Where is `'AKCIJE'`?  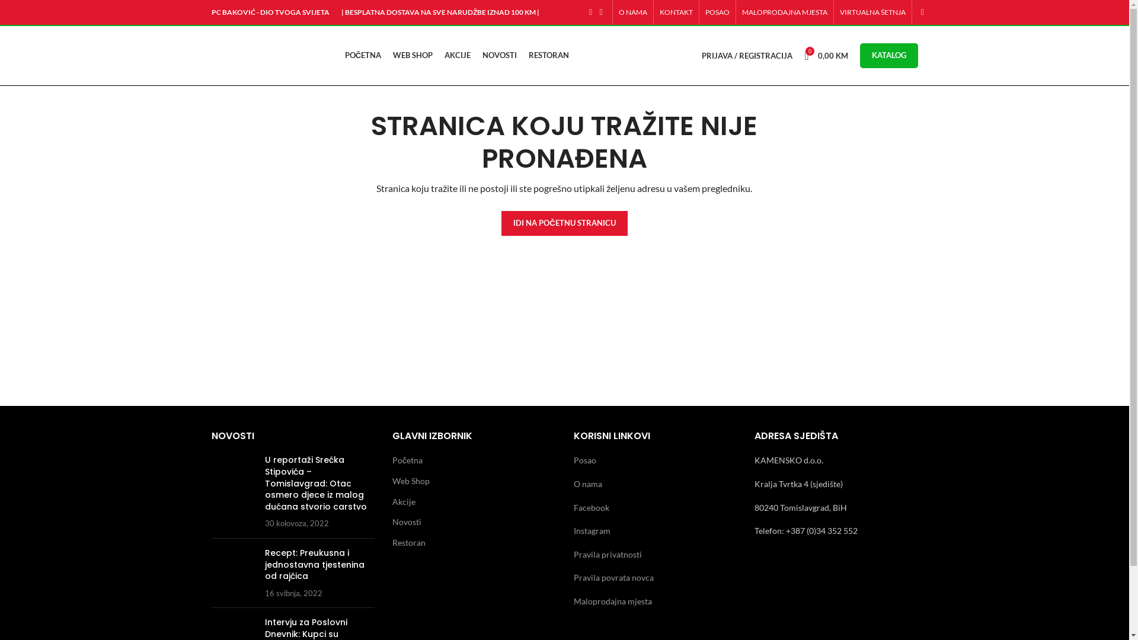
'AKCIJE' is located at coordinates (457, 55).